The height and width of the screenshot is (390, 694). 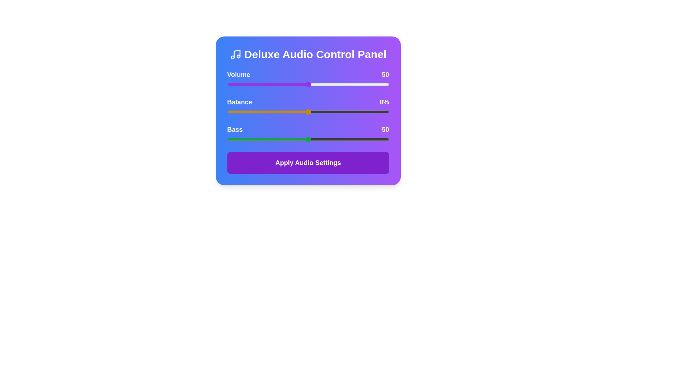 What do you see at coordinates (308, 112) in the screenshot?
I see `balance` at bounding box center [308, 112].